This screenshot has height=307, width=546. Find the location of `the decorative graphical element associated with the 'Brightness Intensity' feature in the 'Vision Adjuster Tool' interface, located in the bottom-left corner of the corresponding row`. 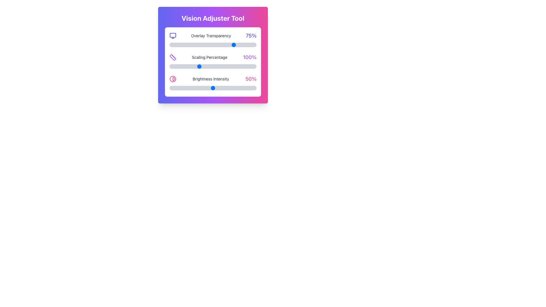

the decorative graphical element associated with the 'Brightness Intensity' feature in the 'Vision Adjuster Tool' interface, located in the bottom-left corner of the corresponding row is located at coordinates (173, 79).